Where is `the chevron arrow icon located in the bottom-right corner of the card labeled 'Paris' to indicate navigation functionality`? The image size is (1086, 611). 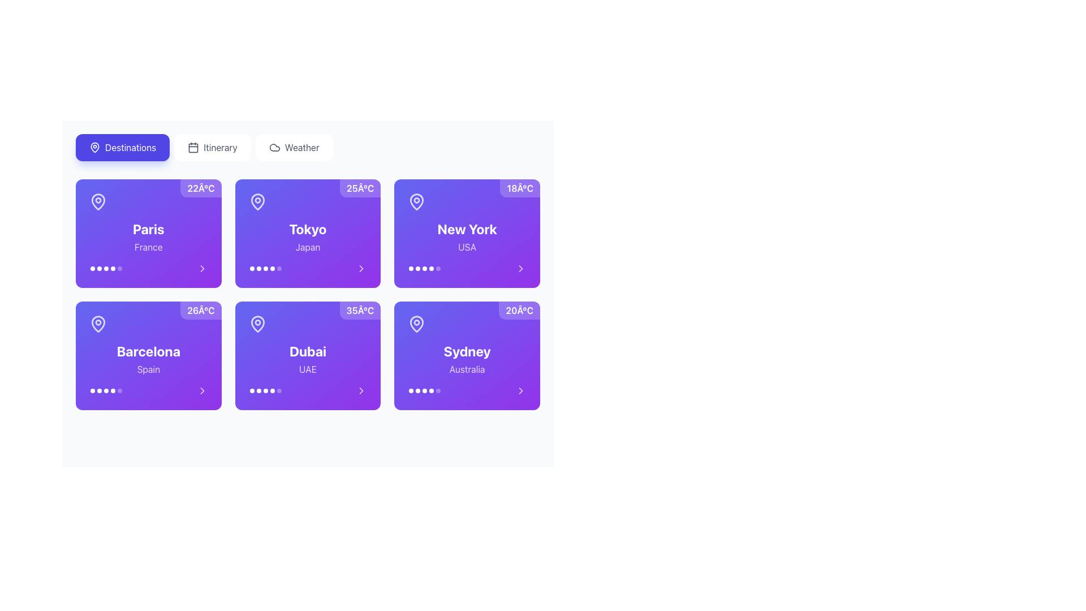 the chevron arrow icon located in the bottom-right corner of the card labeled 'Paris' to indicate navigation functionality is located at coordinates (202, 268).